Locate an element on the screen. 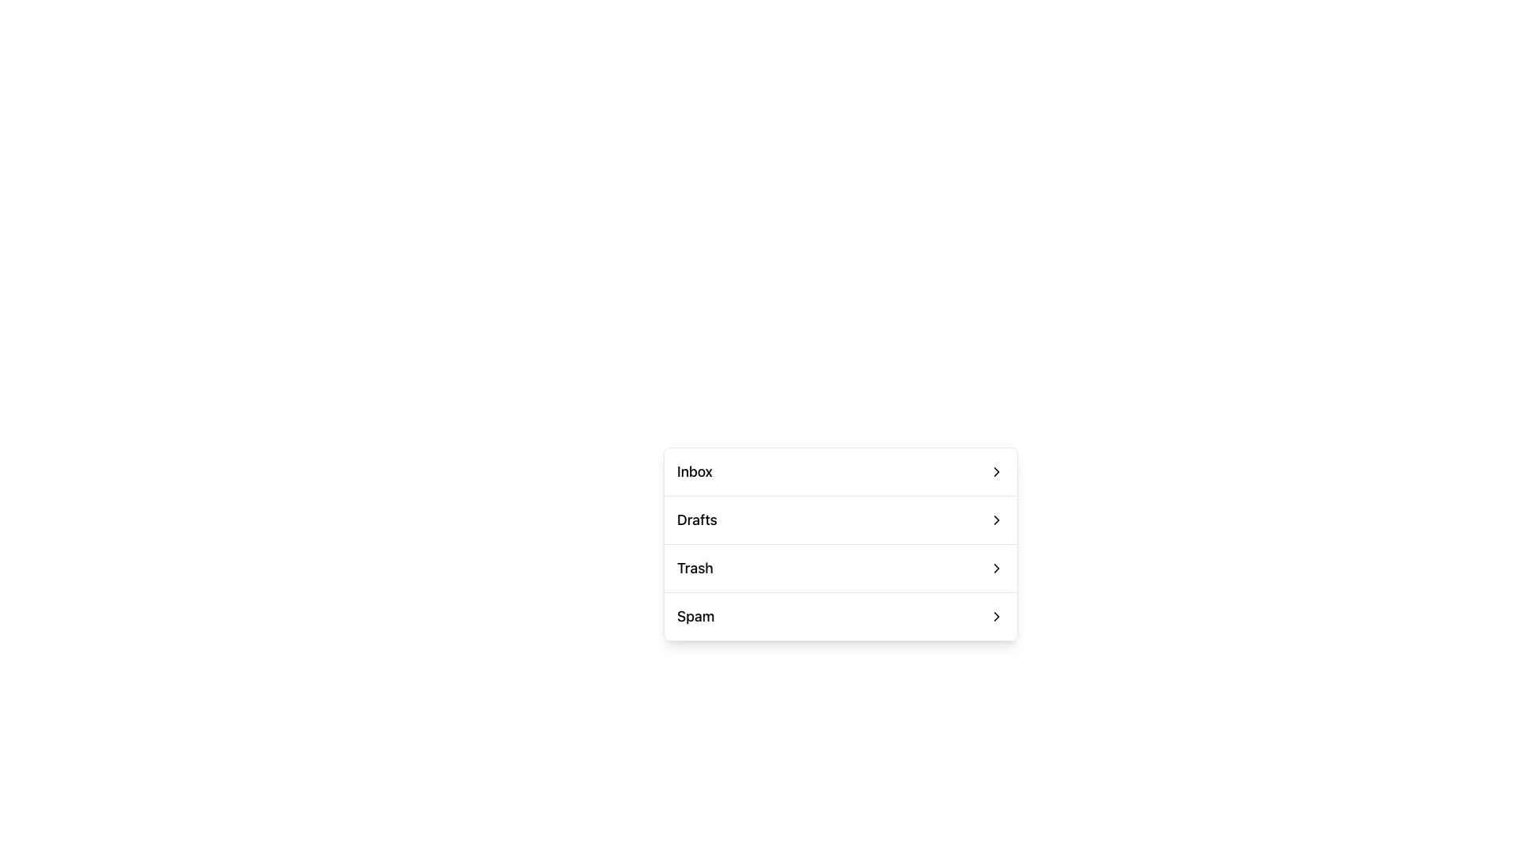 This screenshot has width=1519, height=854. the interactive icon for the 'Trash' section is located at coordinates (995, 567).